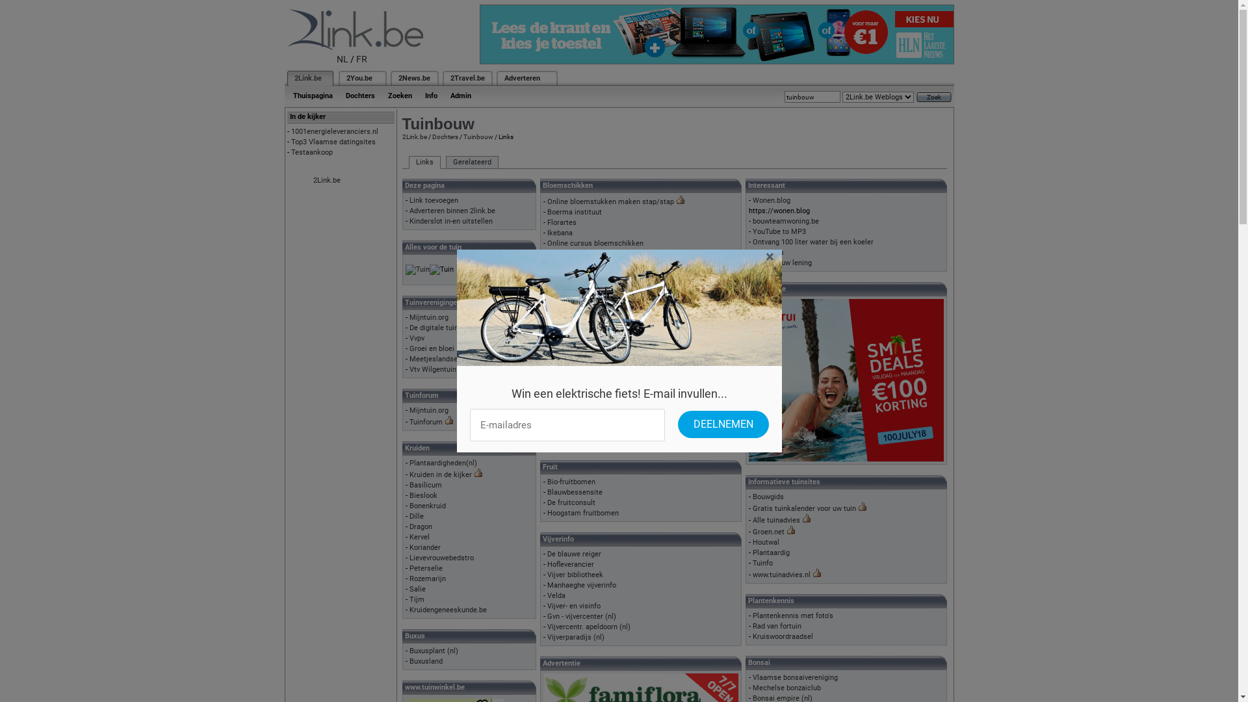 This screenshot has width=1248, height=702. I want to click on 'Tijm', so click(417, 599).